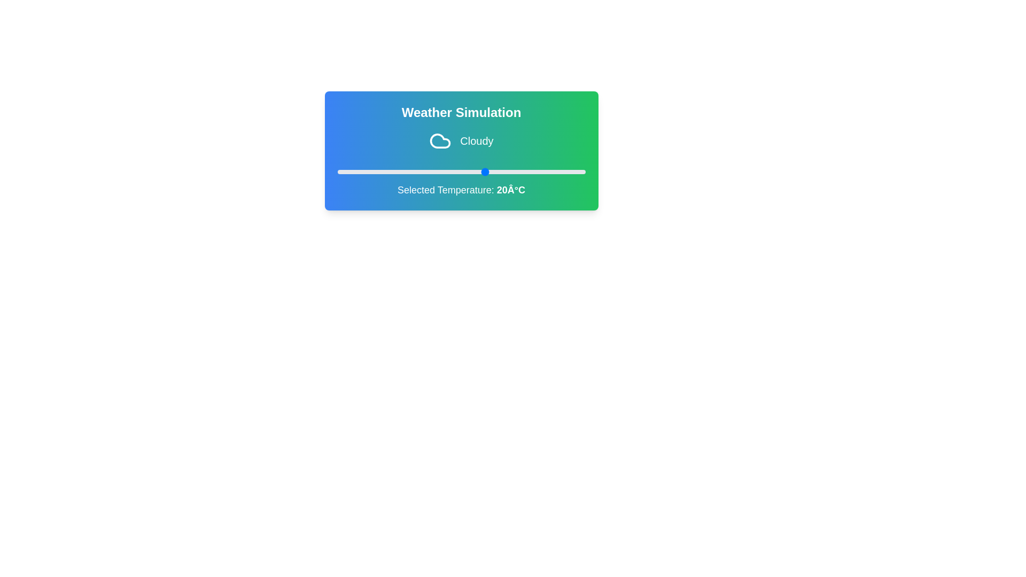 This screenshot has height=577, width=1026. I want to click on the Text Label displaying the selected temperature value, which is part of the sentence 'Selected Temperature: 20°C', so click(510, 189).